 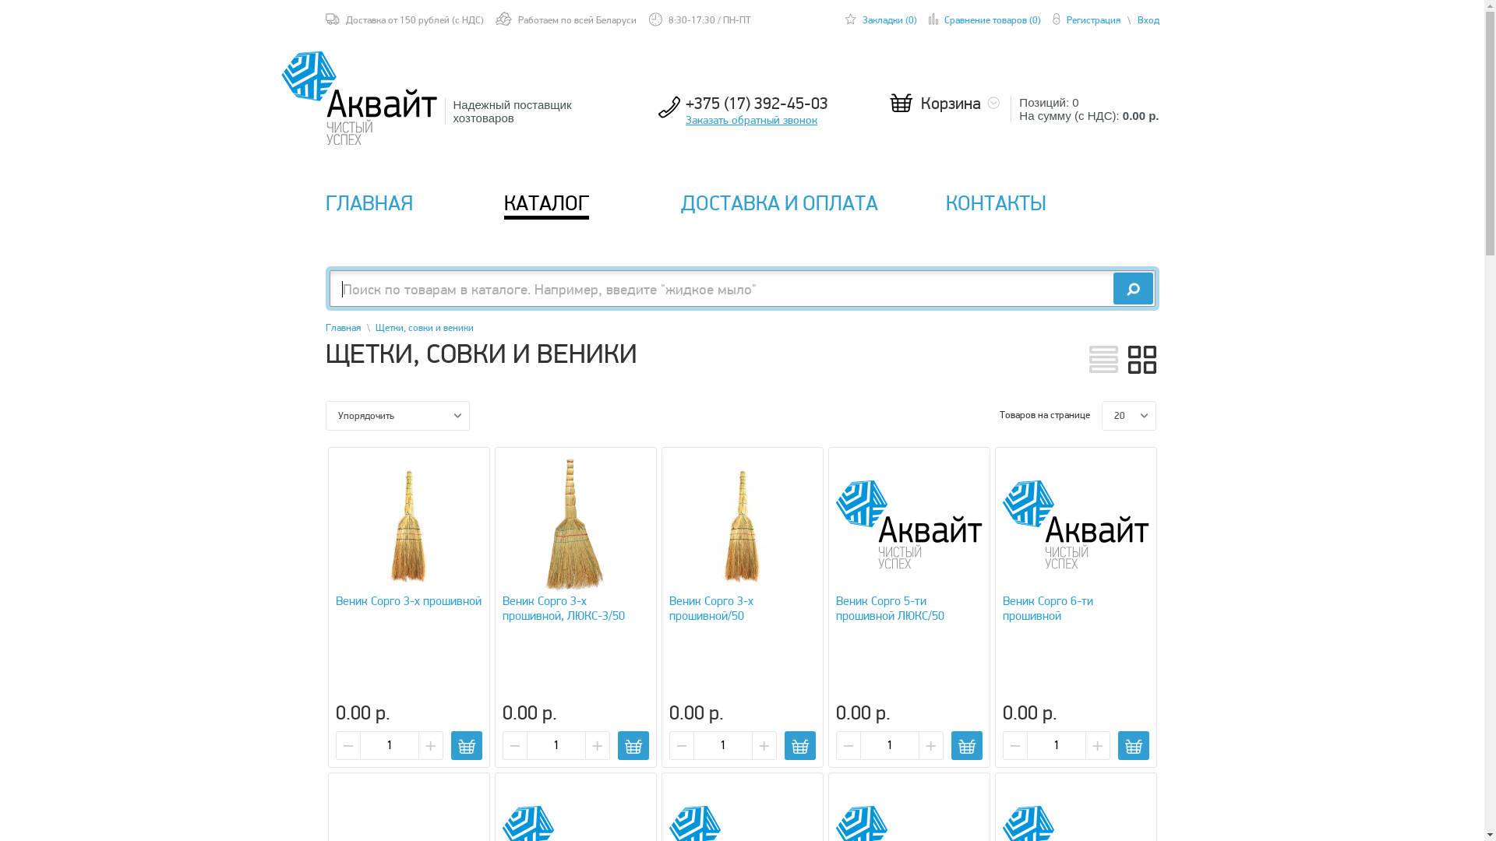 I want to click on '20', so click(x=1129, y=414).